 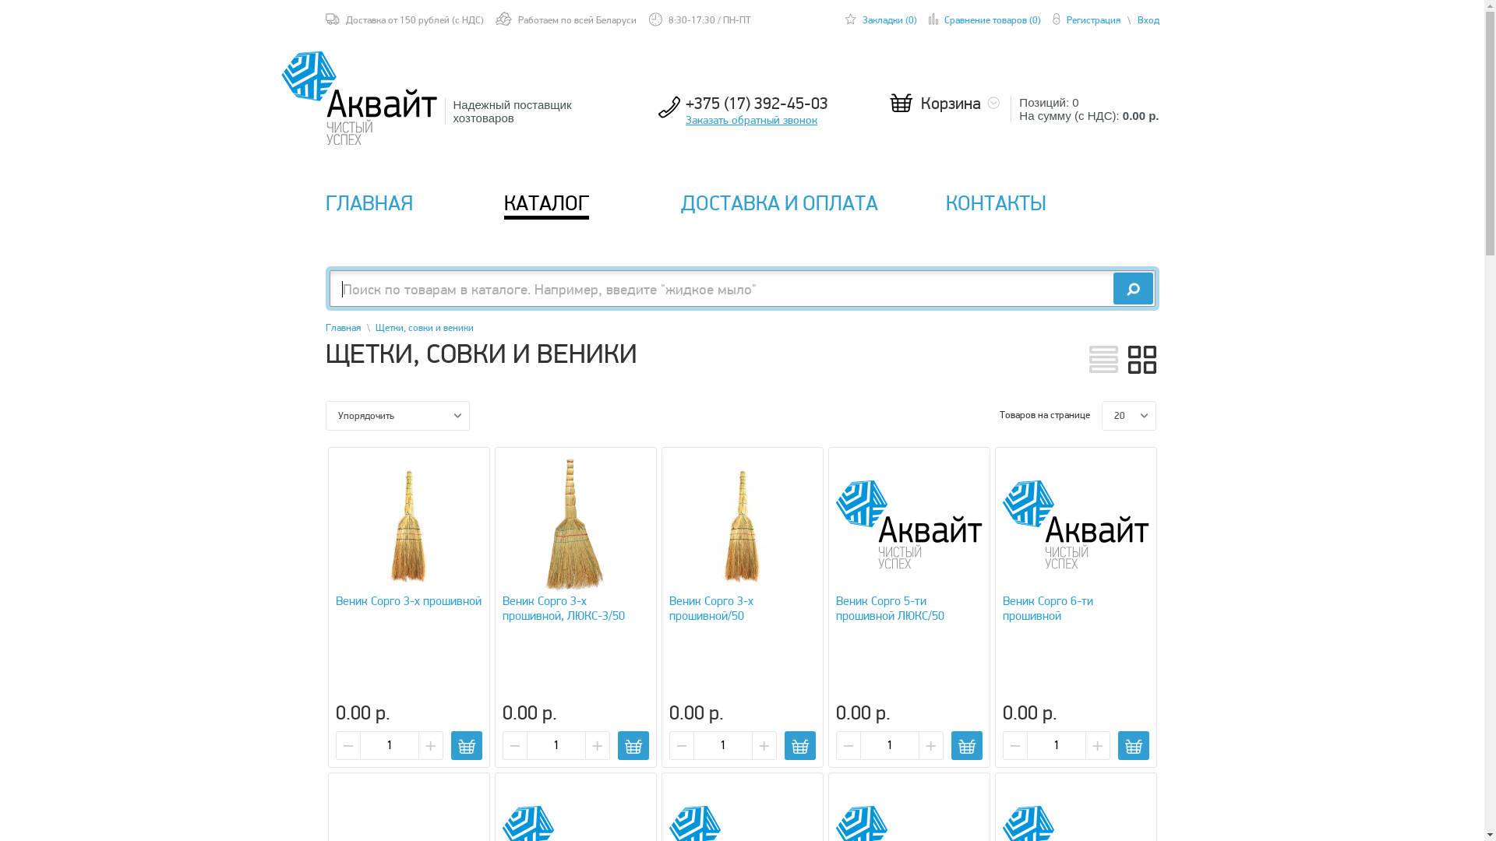 I want to click on '20', so click(x=1129, y=414).